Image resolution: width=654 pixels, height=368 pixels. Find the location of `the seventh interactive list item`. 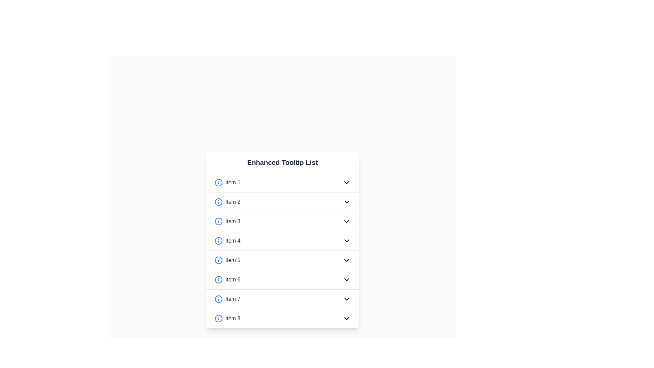

the seventh interactive list item is located at coordinates (282, 299).